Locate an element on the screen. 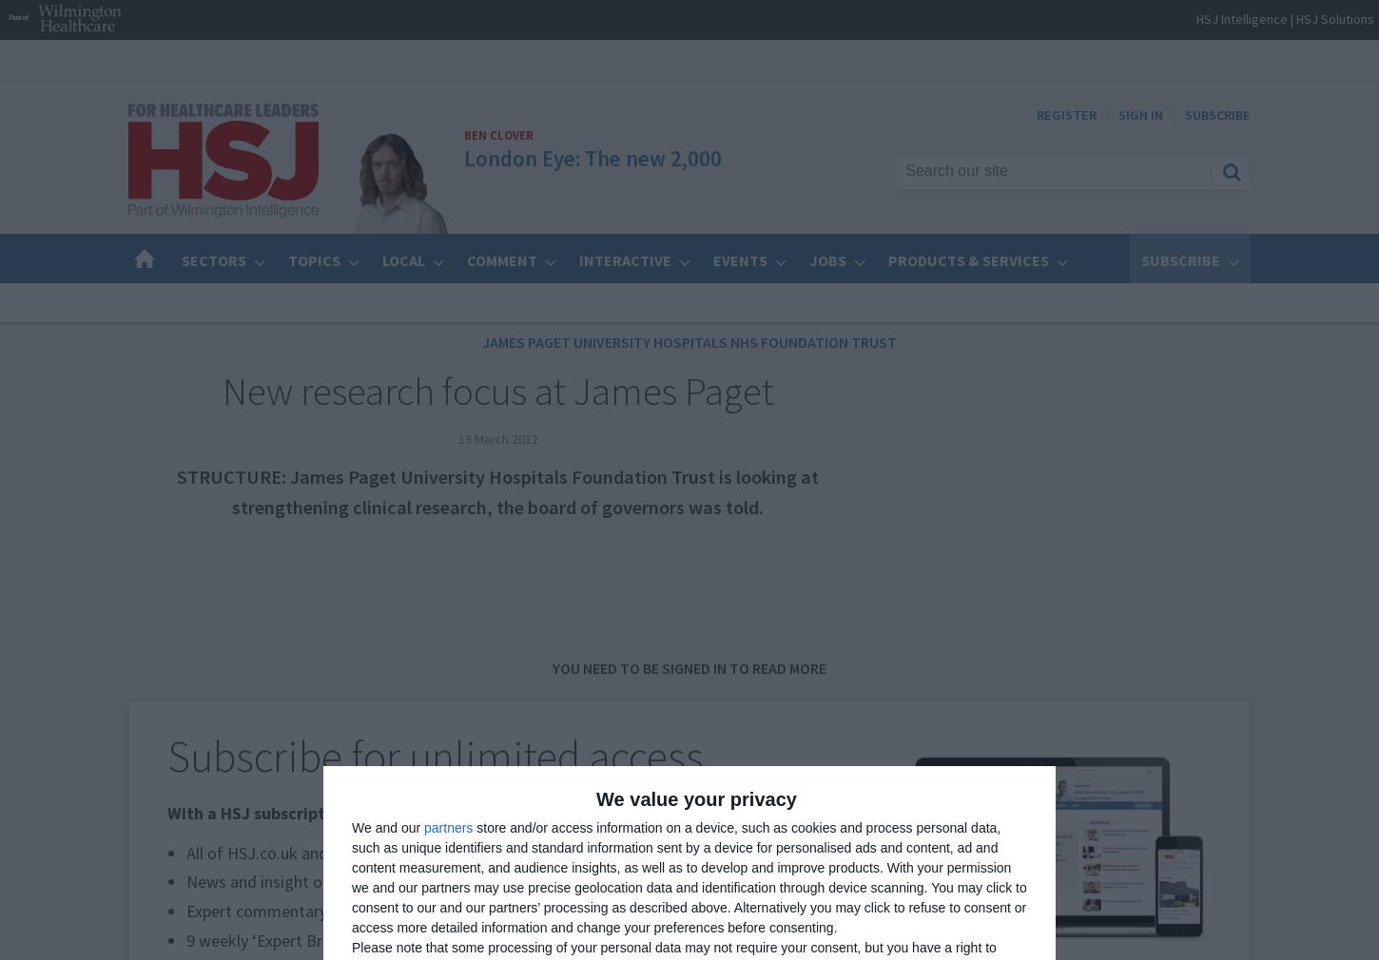  'News and insight on all areas of public funded healthcare' is located at coordinates (185, 881).